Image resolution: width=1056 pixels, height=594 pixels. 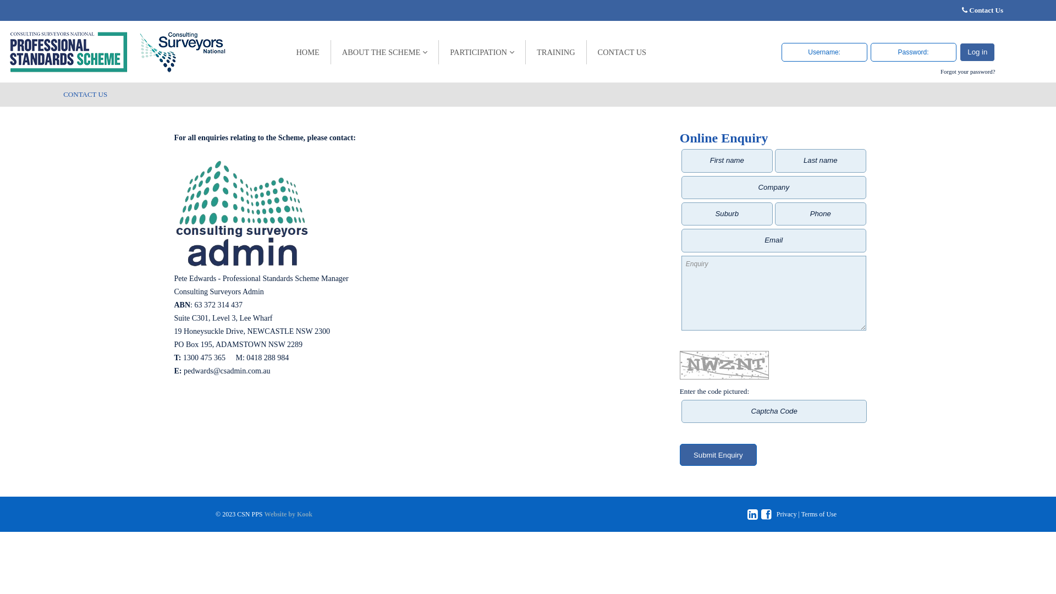 What do you see at coordinates (967, 71) in the screenshot?
I see `'Forgot your password?'` at bounding box center [967, 71].